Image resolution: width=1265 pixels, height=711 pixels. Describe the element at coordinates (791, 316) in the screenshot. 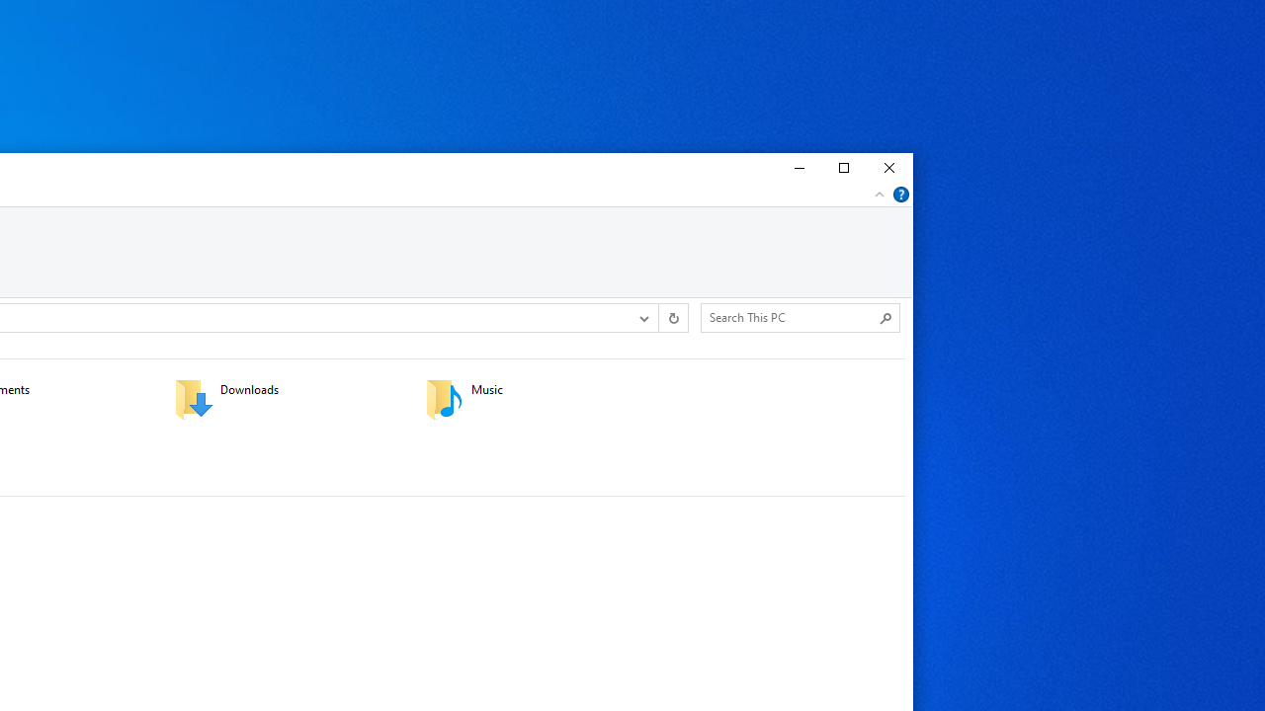

I see `'Search Box'` at that location.